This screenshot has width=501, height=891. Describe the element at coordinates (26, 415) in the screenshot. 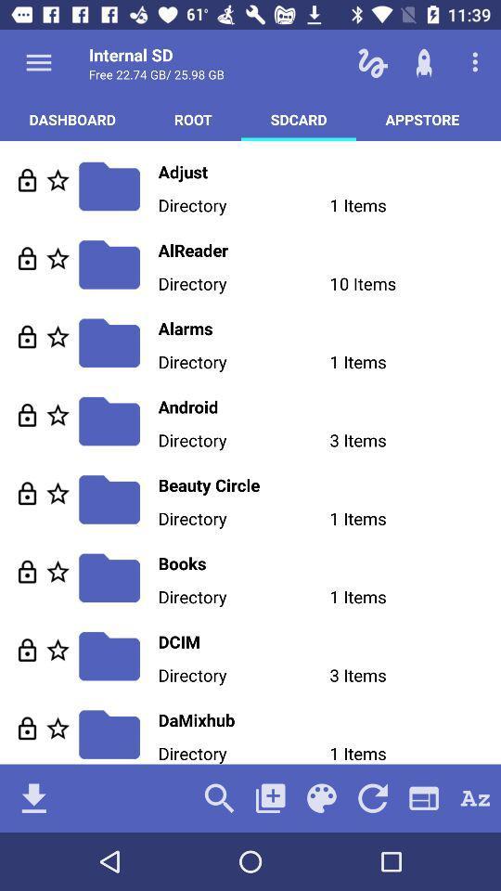

I see `folder lock` at that location.